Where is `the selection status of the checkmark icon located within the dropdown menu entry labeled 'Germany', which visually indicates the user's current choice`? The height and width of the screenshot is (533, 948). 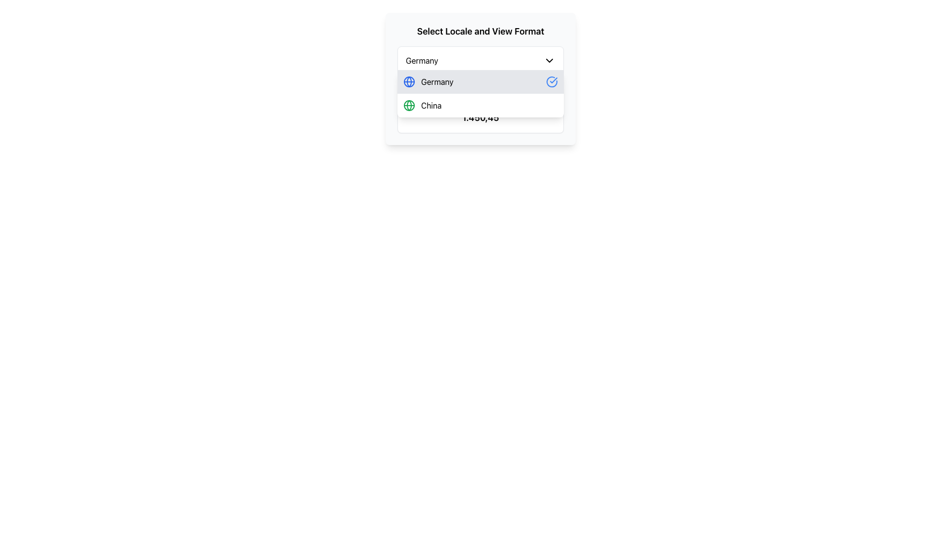
the selection status of the checkmark icon located within the dropdown menu entry labeled 'Germany', which visually indicates the user's current choice is located at coordinates (553, 79).